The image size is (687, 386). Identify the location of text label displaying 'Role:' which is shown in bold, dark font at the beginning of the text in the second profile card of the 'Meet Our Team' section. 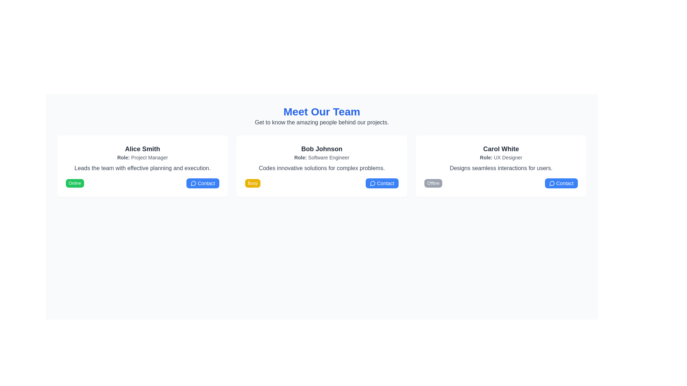
(301, 157).